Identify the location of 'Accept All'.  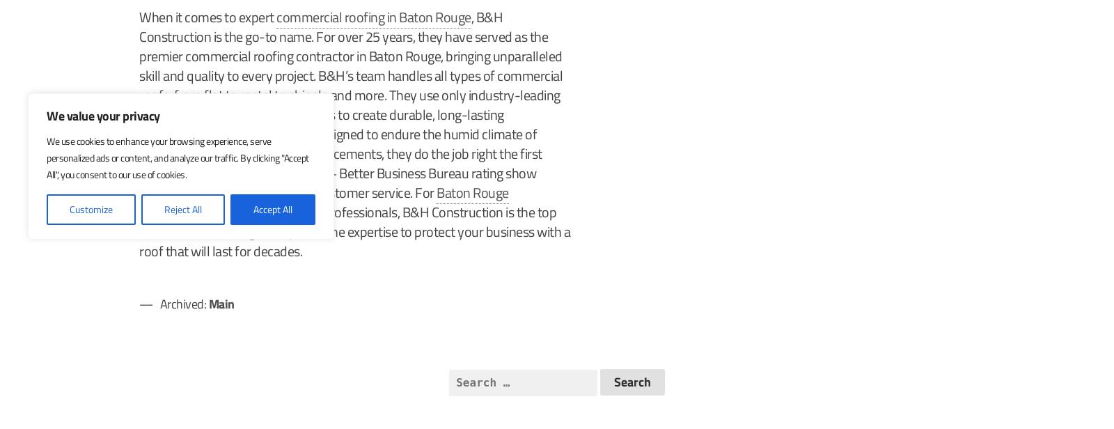
(273, 209).